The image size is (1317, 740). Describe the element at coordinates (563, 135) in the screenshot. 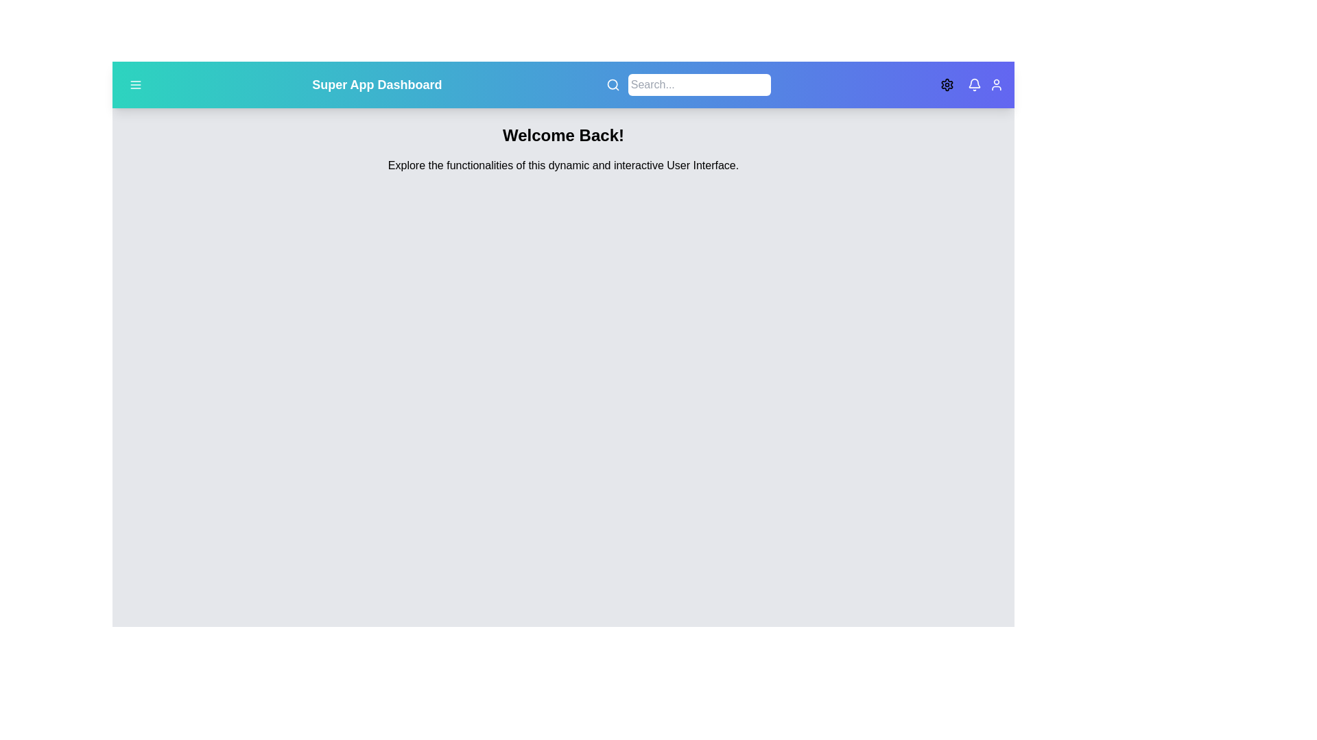

I see `the text 'Welcome Back!' to select it` at that location.